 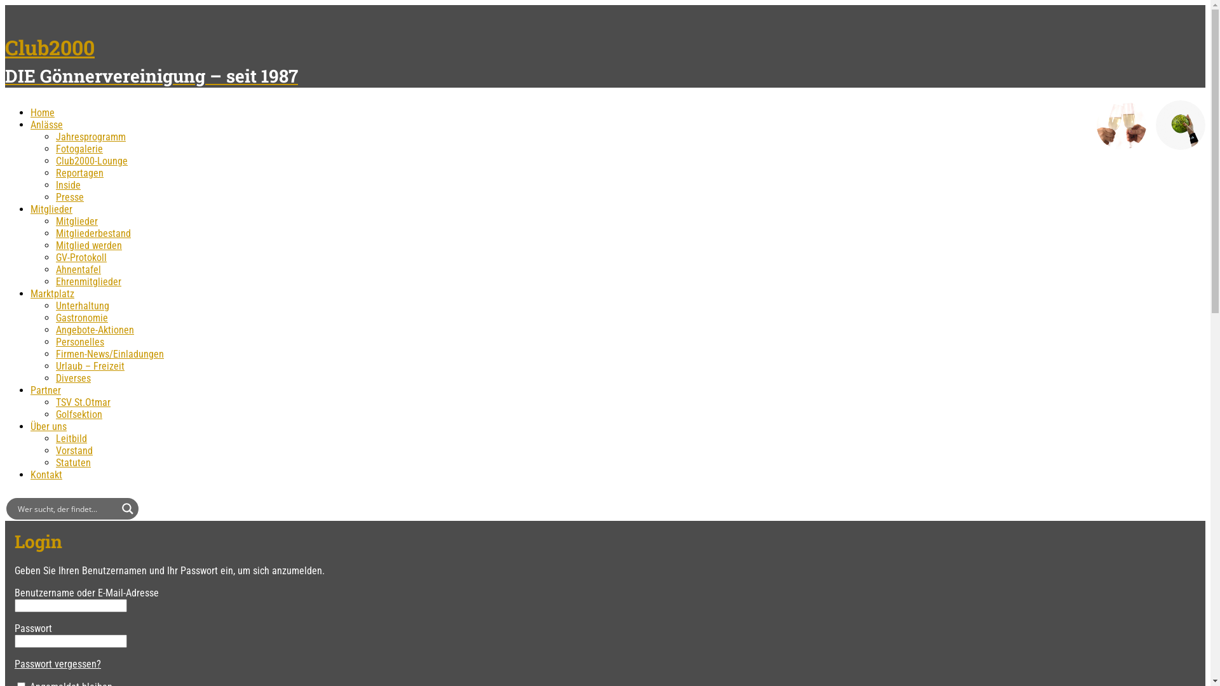 I want to click on 'Jahresprogramm', so click(x=90, y=137).